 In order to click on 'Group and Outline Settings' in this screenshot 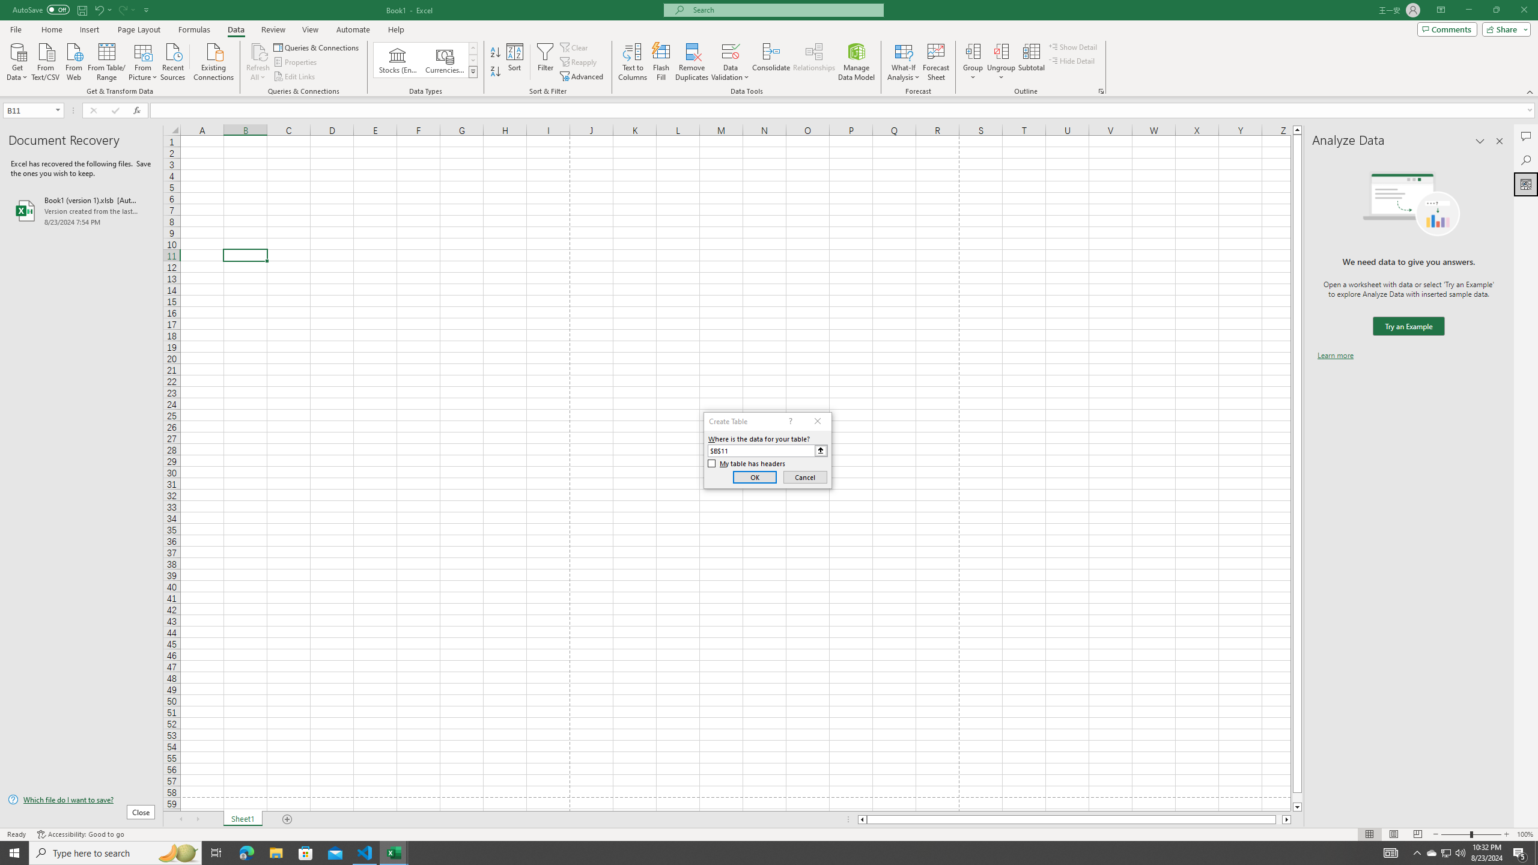, I will do `click(1100, 90)`.